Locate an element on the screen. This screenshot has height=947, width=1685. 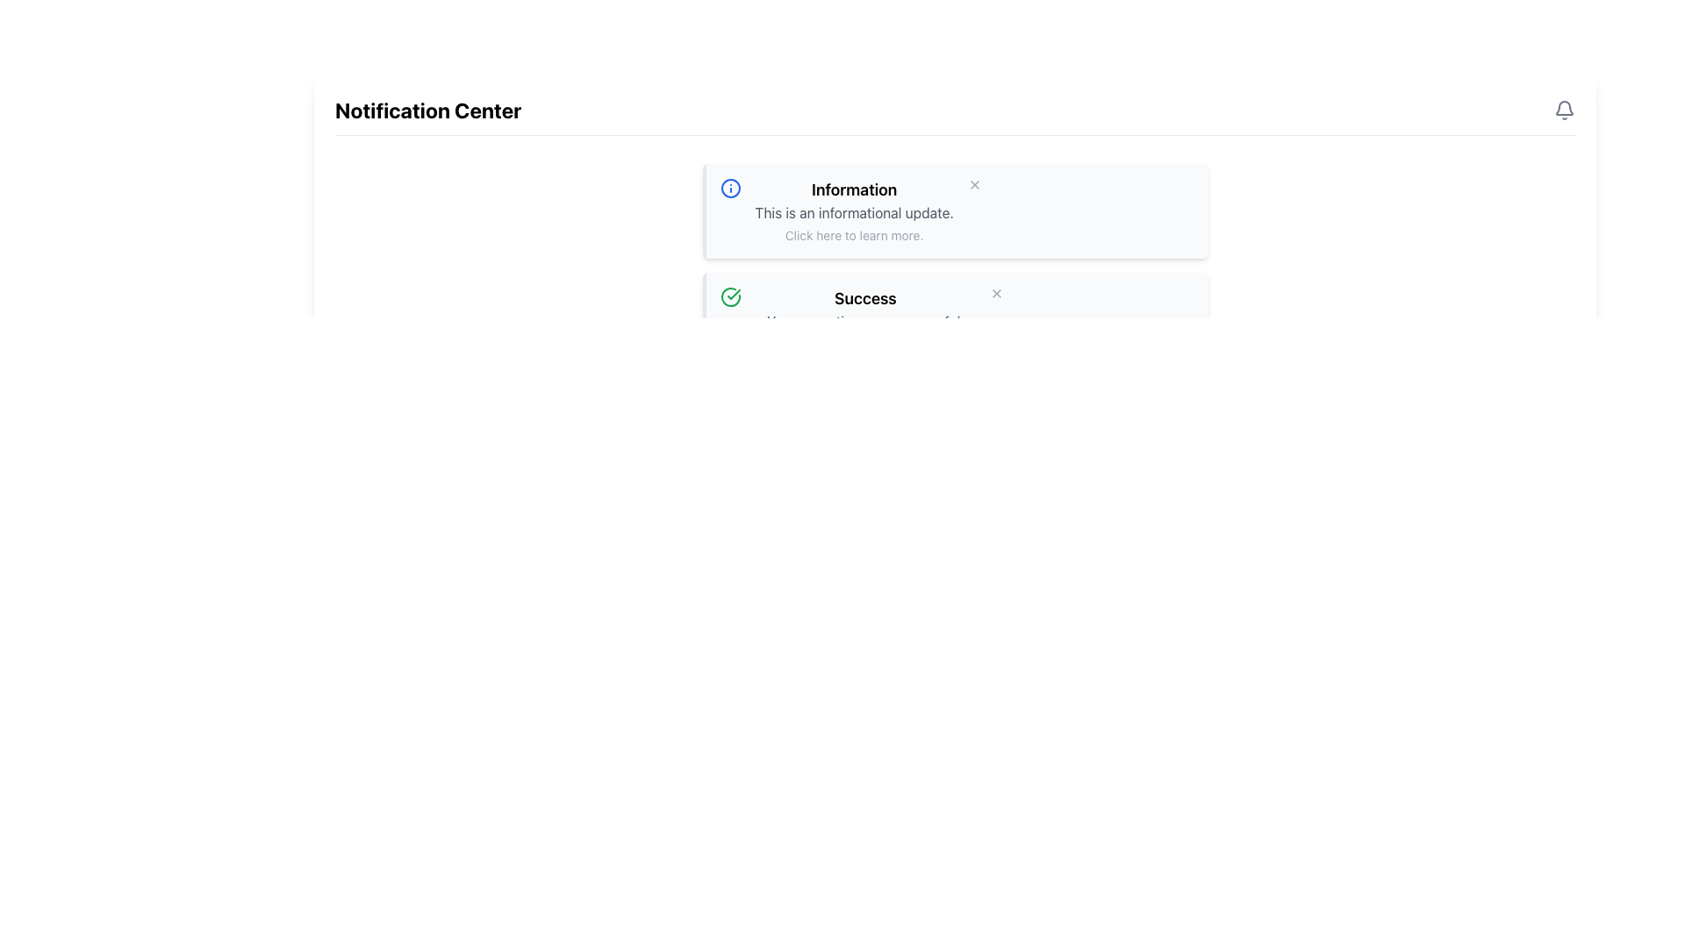
the circular icon graphic with a blue outline representing an information symbol located in the top-left corner of the notification card labeled 'Information' is located at coordinates (730, 189).